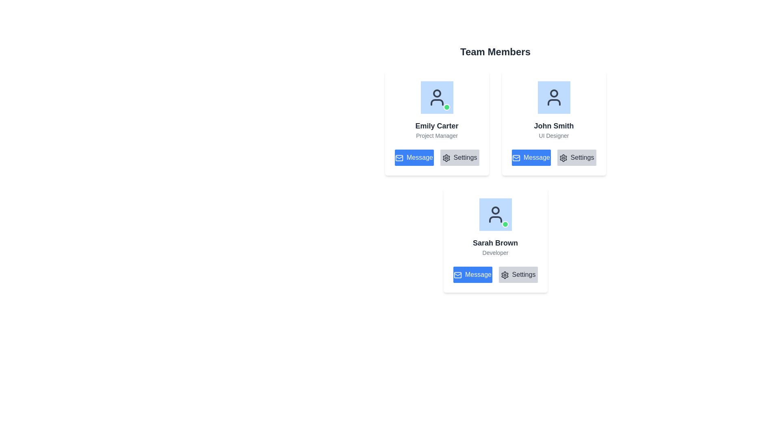 This screenshot has height=439, width=780. Describe the element at coordinates (553, 135) in the screenshot. I see `the static text label reading 'UI Designer', which is styled with a small font size and gray color, located below the header 'John Smith' in the profile card` at that location.